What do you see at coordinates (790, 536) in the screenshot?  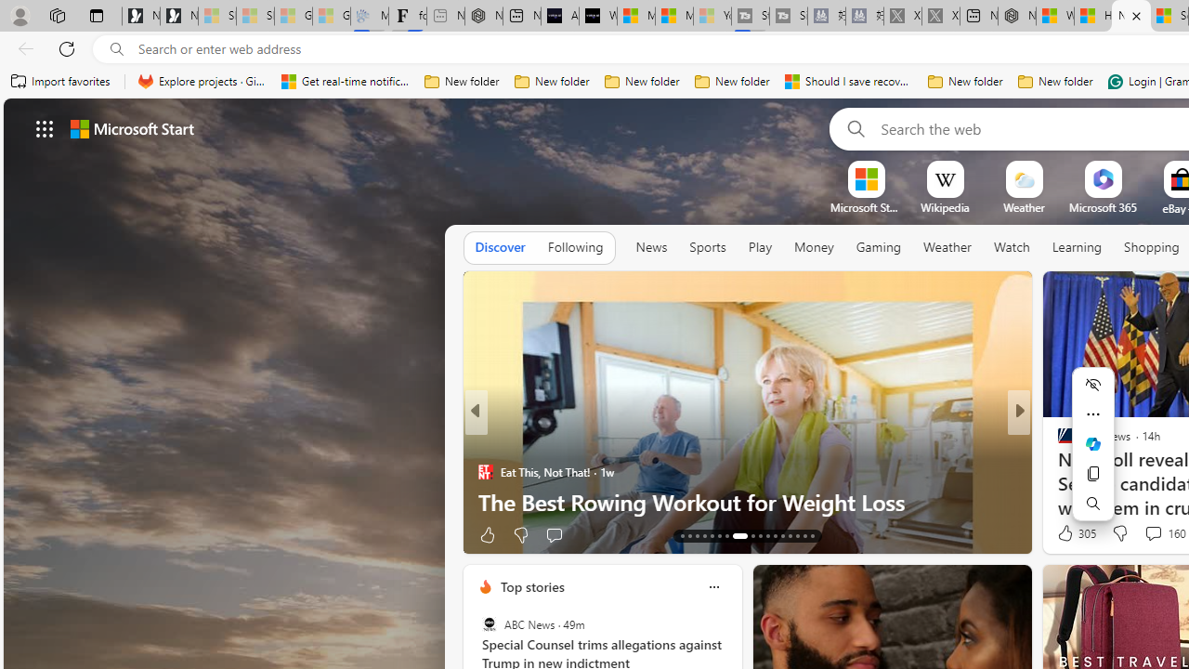 I see `'AutomationID: tab-40'` at bounding box center [790, 536].